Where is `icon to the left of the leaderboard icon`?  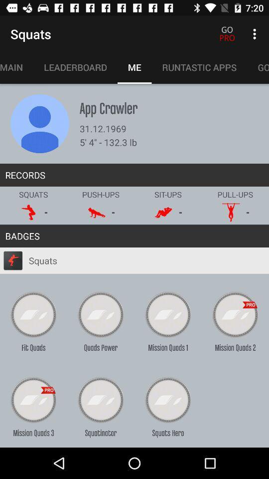 icon to the left of the leaderboard icon is located at coordinates (16, 67).